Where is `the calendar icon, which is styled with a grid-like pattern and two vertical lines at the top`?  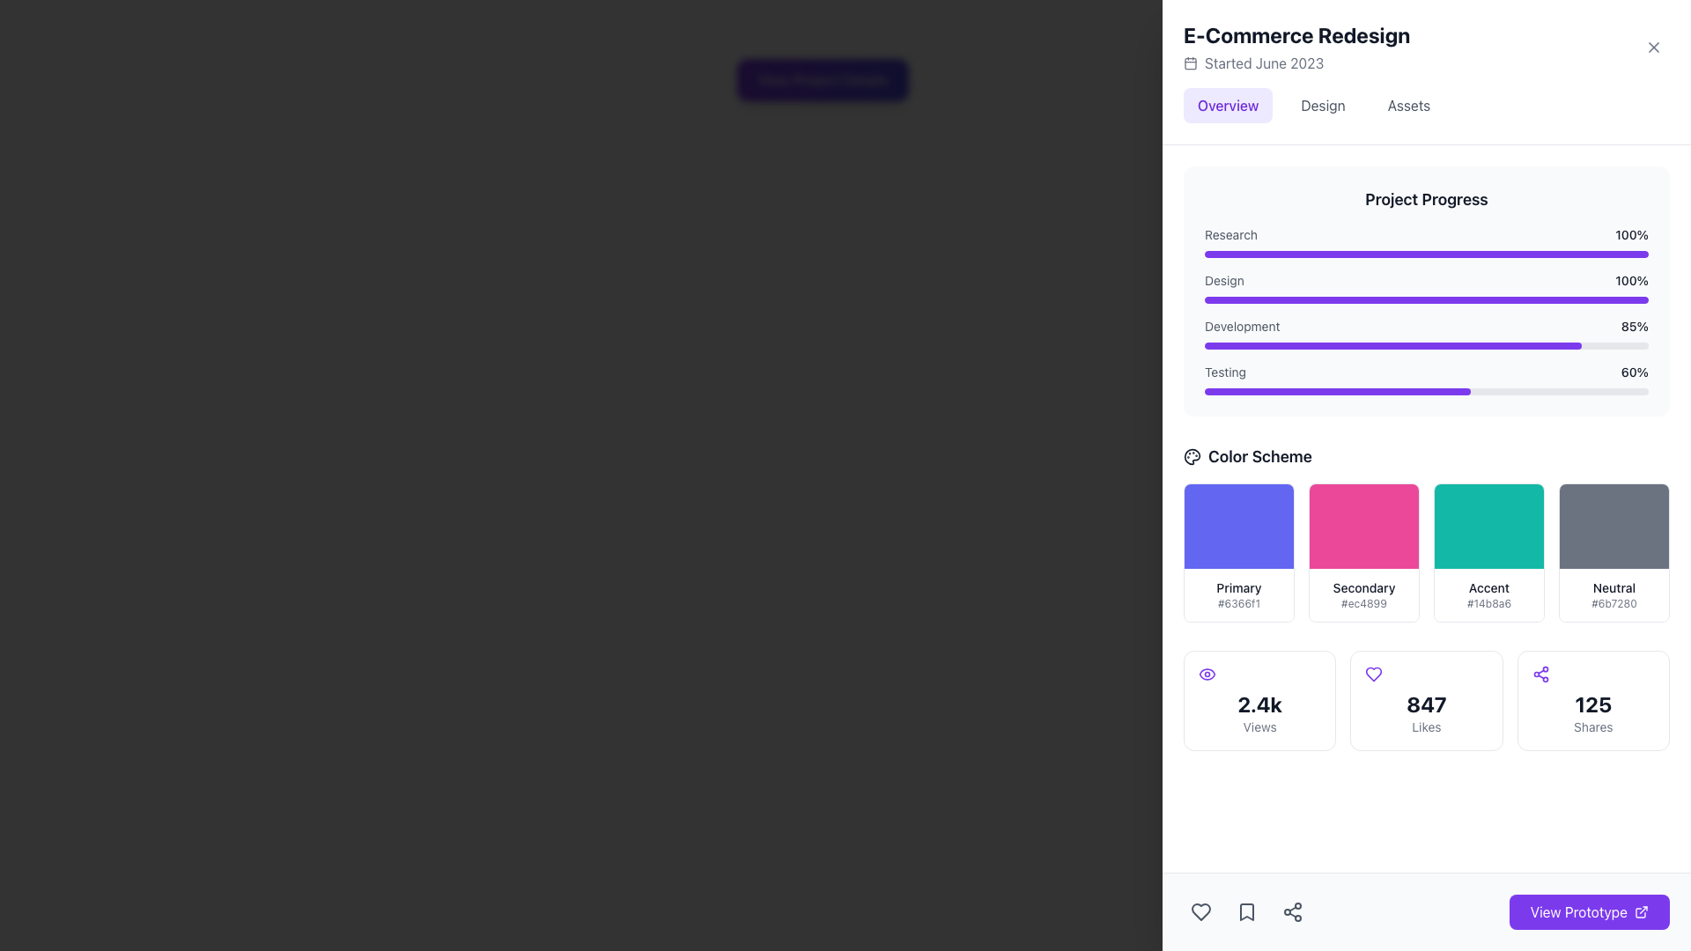
the calendar icon, which is styled with a grid-like pattern and two vertical lines at the top is located at coordinates (1191, 63).